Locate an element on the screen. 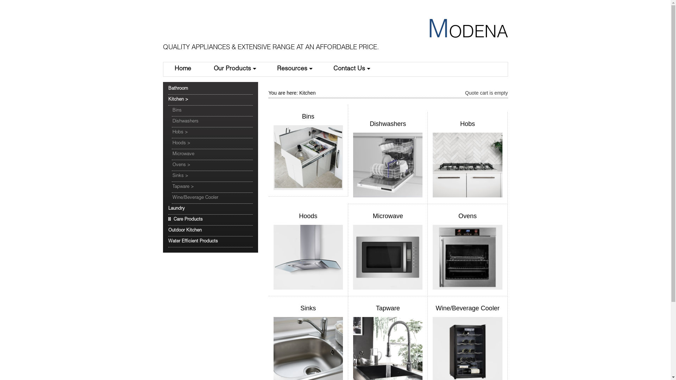 This screenshot has width=676, height=380. 'Resources' is located at coordinates (294, 69).